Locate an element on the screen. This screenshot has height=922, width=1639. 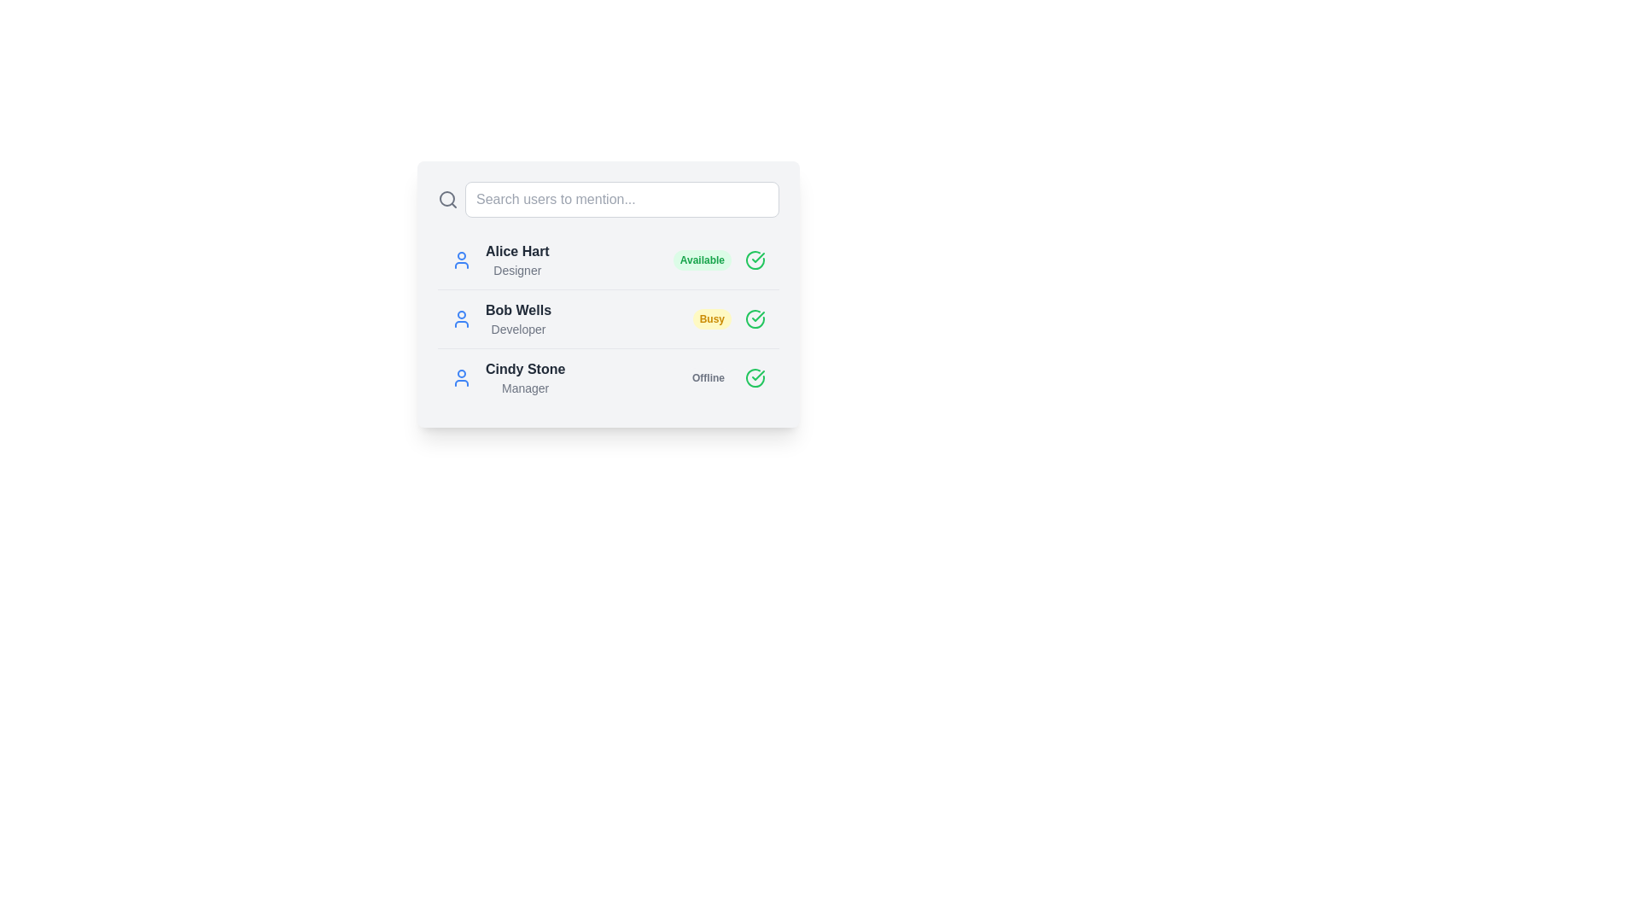
user profile Text label displaying the user's name and role, located in the third row of the list, between 'Bob Wells' and 'Offline' is located at coordinates (524, 377).